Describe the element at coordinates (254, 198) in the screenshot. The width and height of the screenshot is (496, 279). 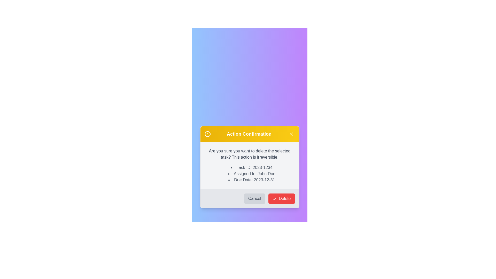
I see `the 'Cancel' button, which is a rectangular button with a light gray background and black text, located in a modal dialog box at the bottom left of a group of buttons` at that location.